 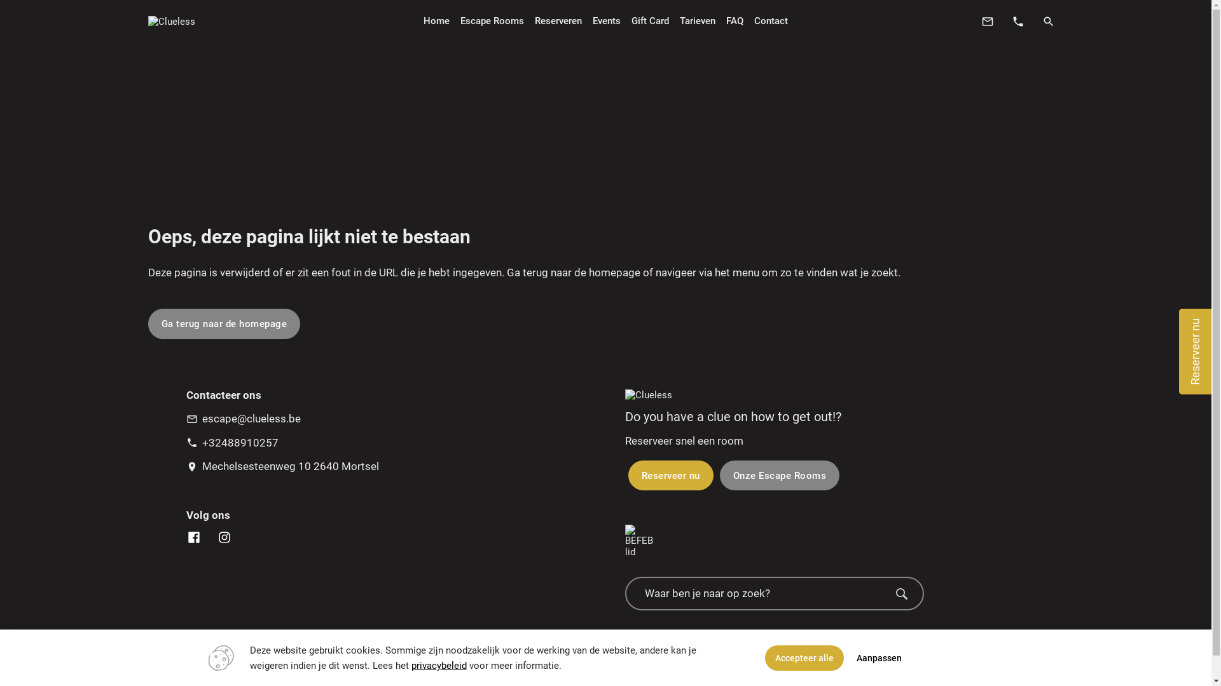 I want to click on 'BEFEB lid', so click(x=638, y=541).